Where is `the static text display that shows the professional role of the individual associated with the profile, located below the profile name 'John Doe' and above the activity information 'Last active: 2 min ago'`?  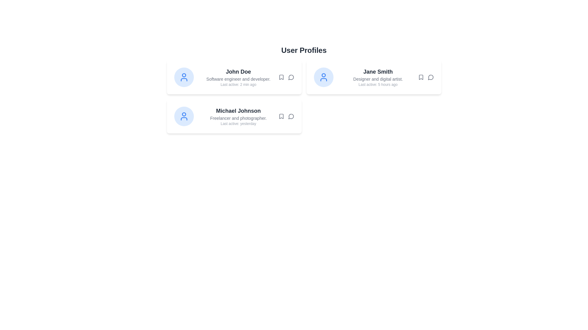 the static text display that shows the professional role of the individual associated with the profile, located below the profile name 'John Doe' and above the activity information 'Last active: 2 min ago' is located at coordinates (238, 79).